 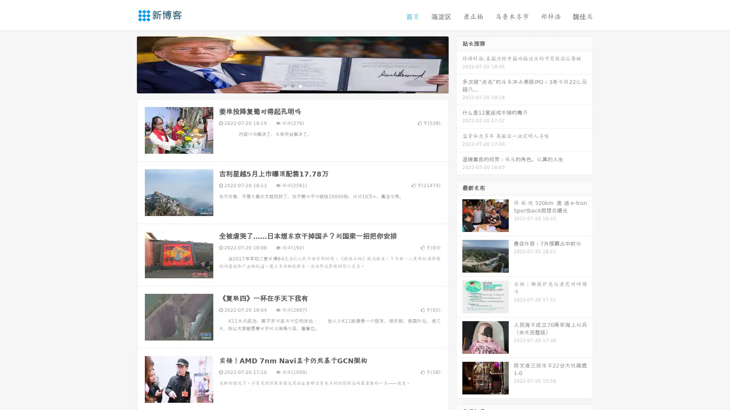 What do you see at coordinates (284, 85) in the screenshot?
I see `Go to slide 1` at bounding box center [284, 85].